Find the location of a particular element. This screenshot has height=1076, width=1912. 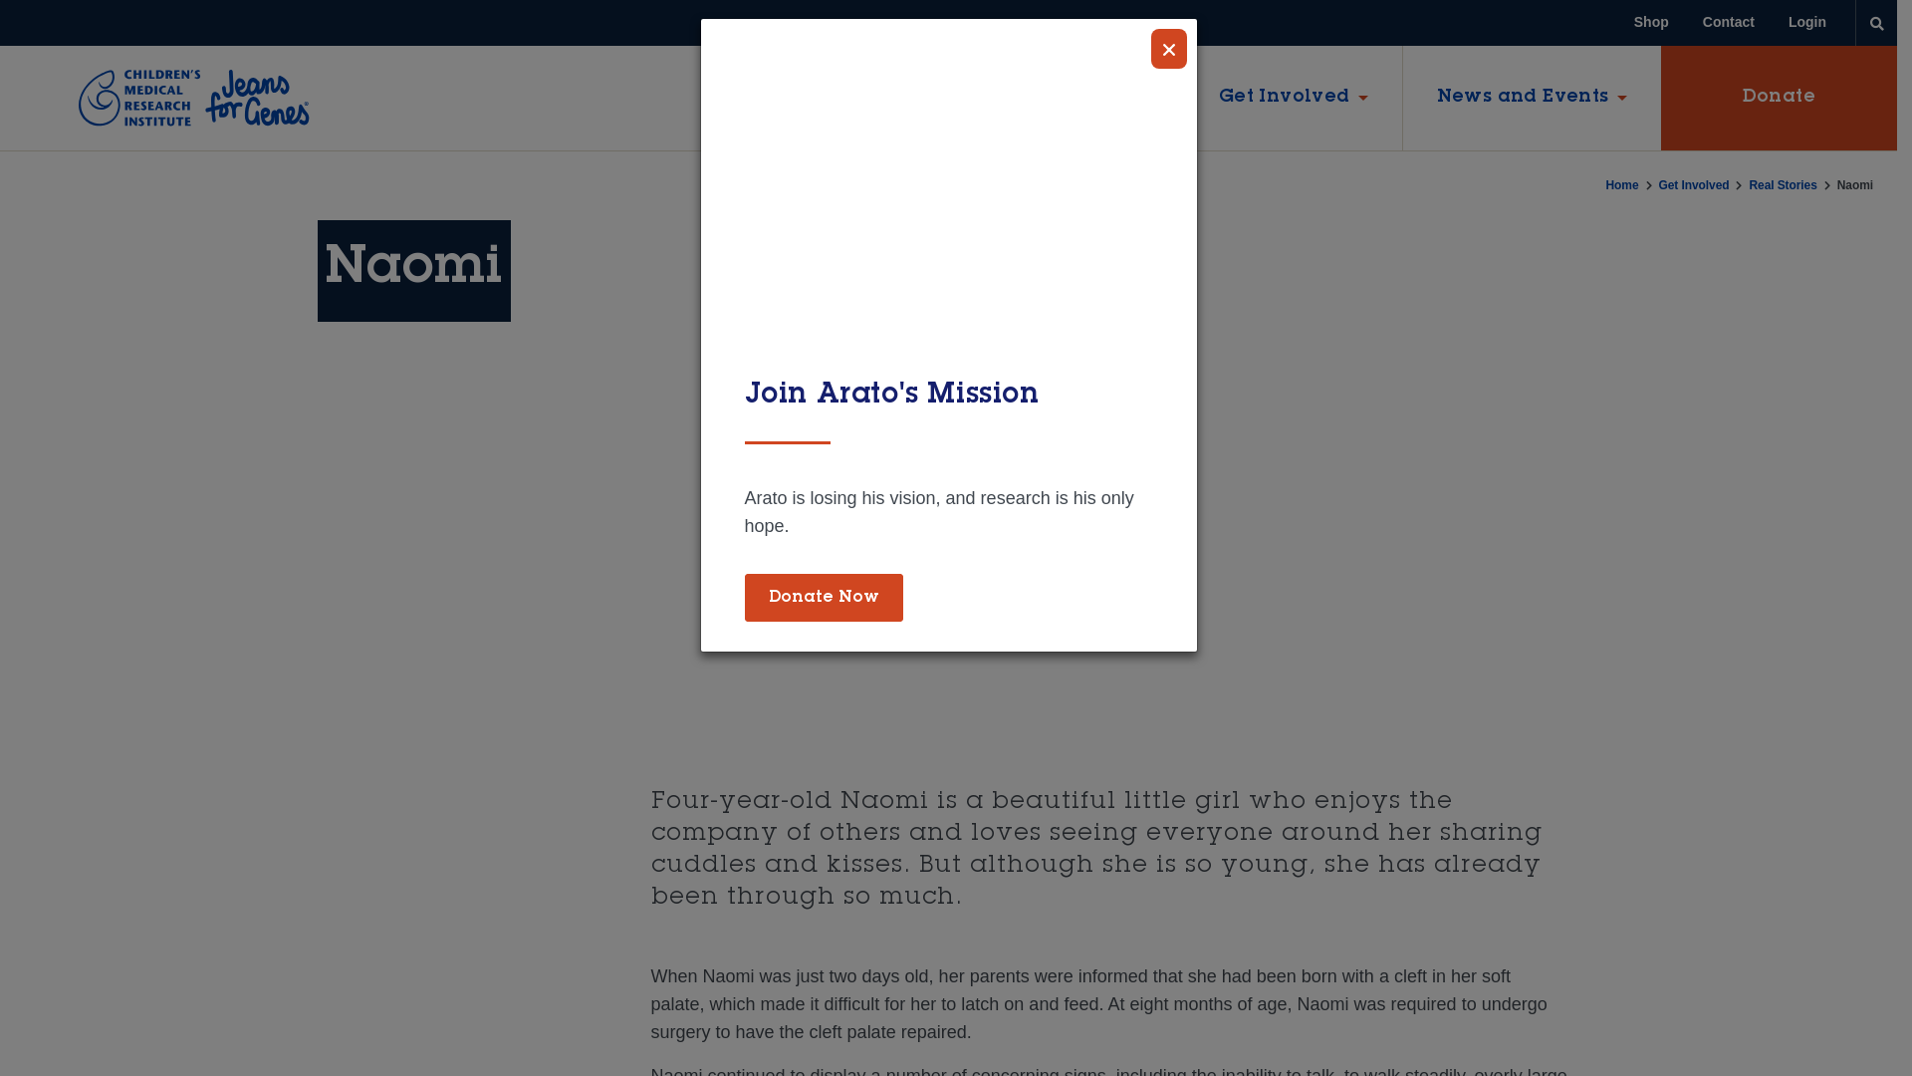

'Shop' is located at coordinates (1651, 23).